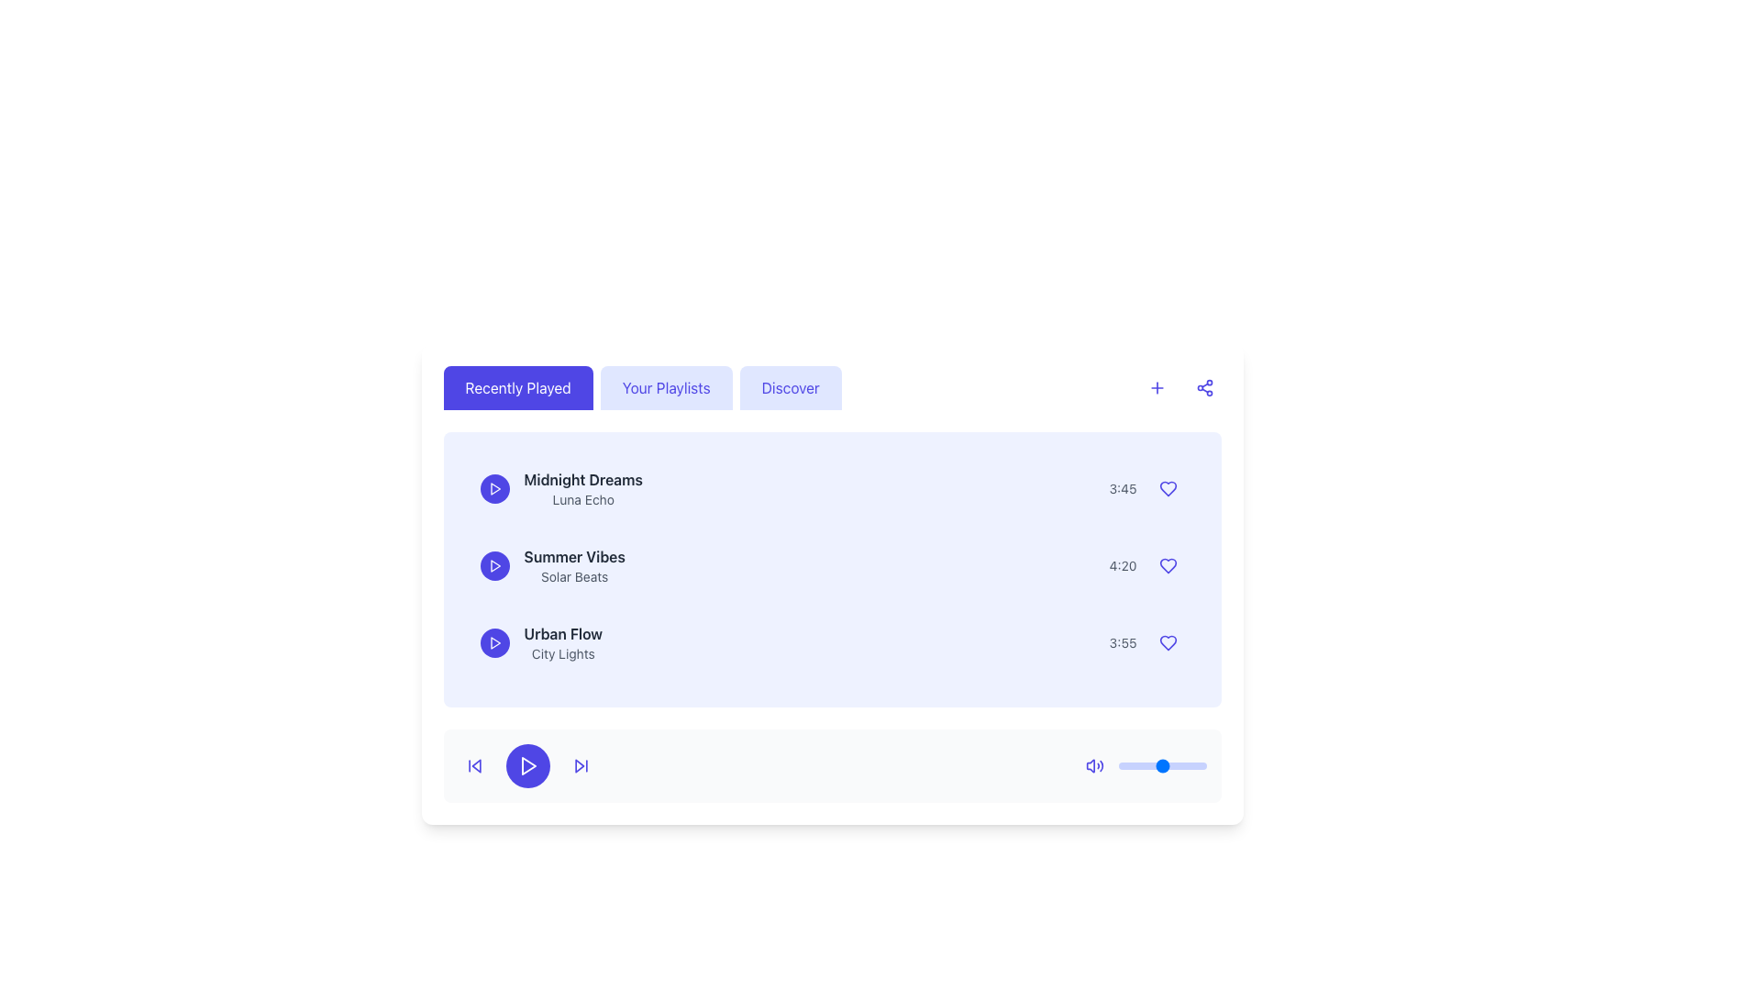  I want to click on the third List Item representing the media track 'Urban Flow', so click(831, 642).